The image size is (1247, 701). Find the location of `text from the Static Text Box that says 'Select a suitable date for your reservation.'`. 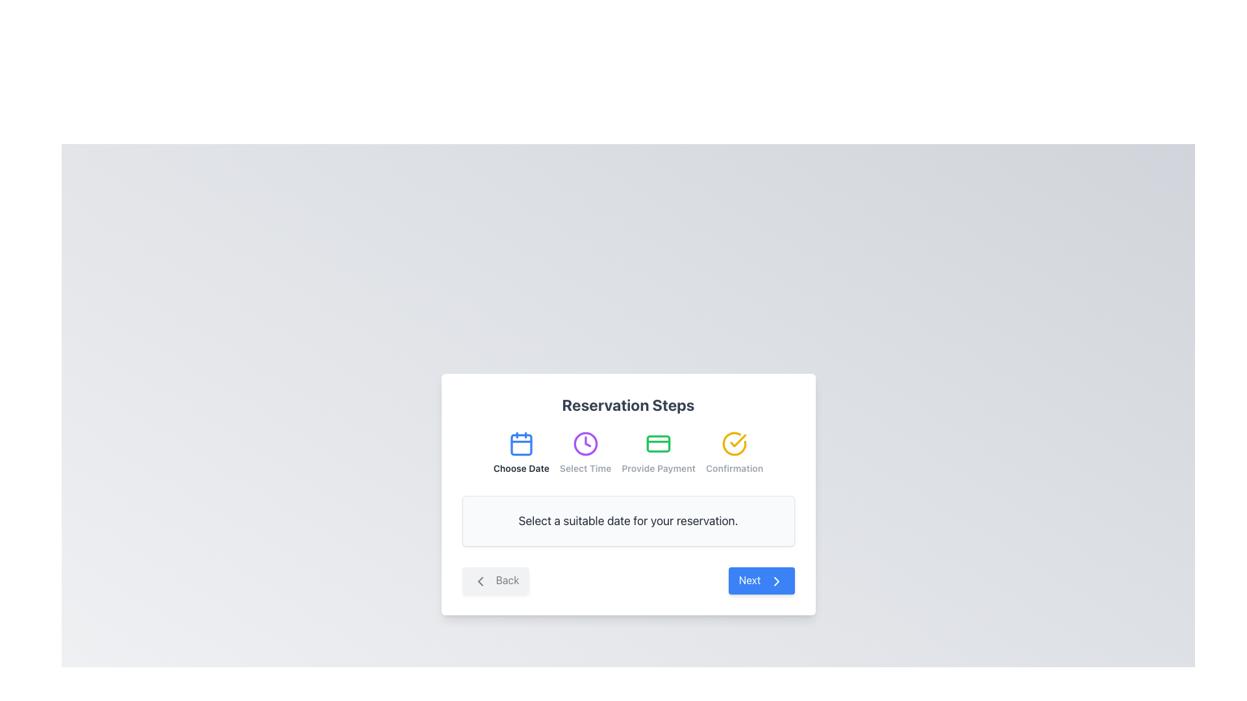

text from the Static Text Box that says 'Select a suitable date for your reservation.' is located at coordinates (628, 521).